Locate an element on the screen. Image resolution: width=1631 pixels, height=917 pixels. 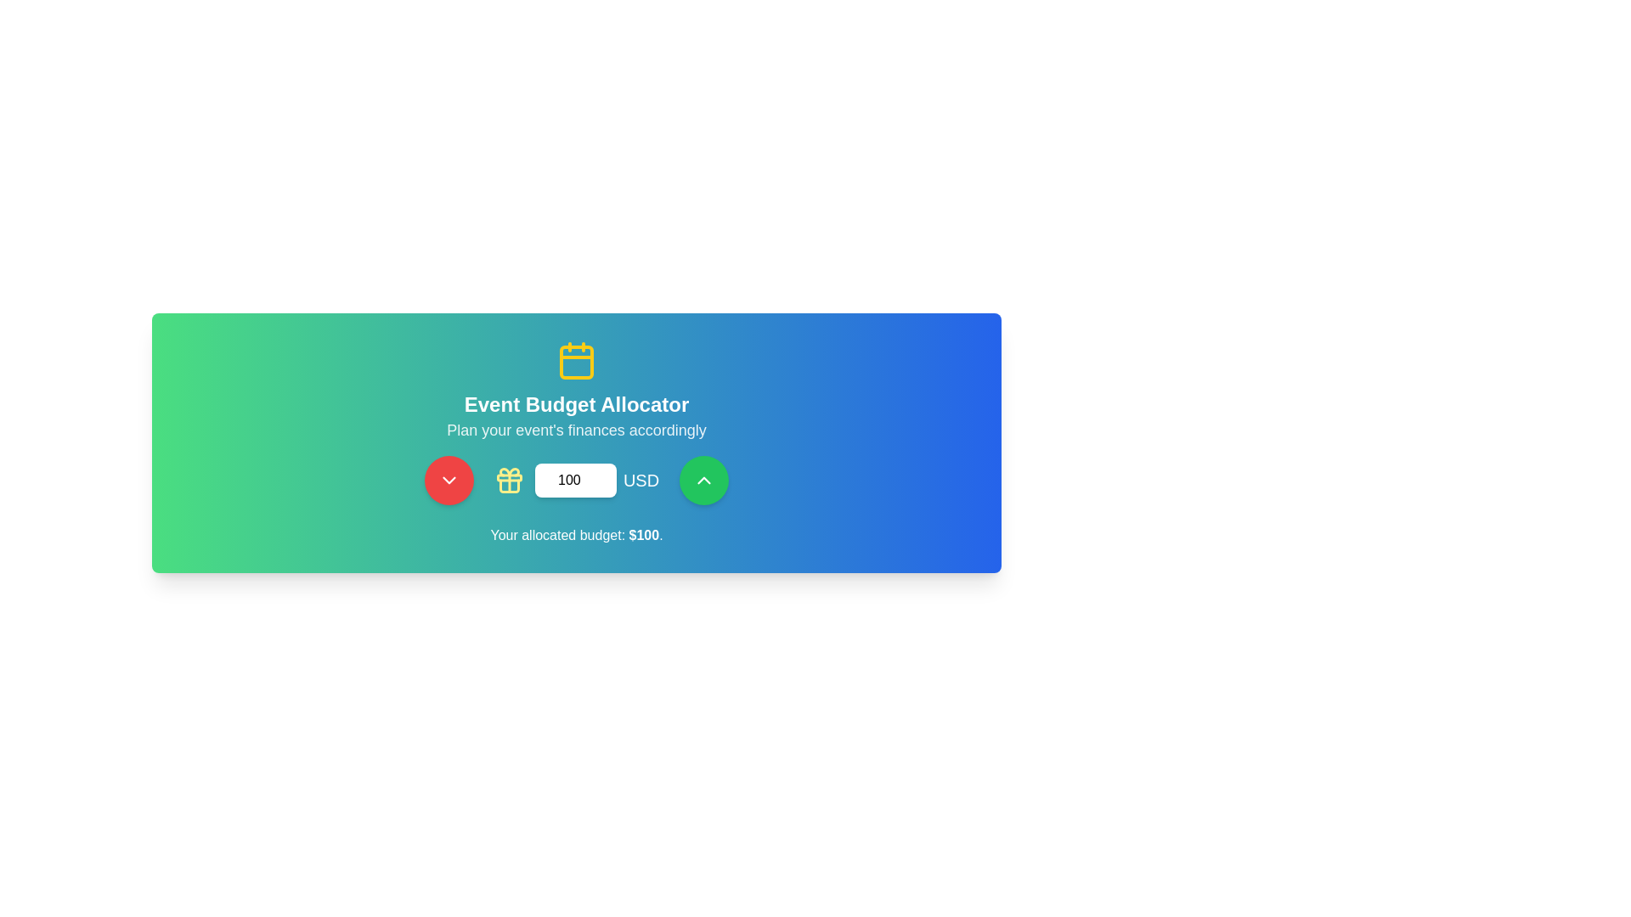
the calendar icon, which symbolizes planning or scheduling, located above the 'Event Budget Allocator' title in the center of the interface is located at coordinates (576, 359).